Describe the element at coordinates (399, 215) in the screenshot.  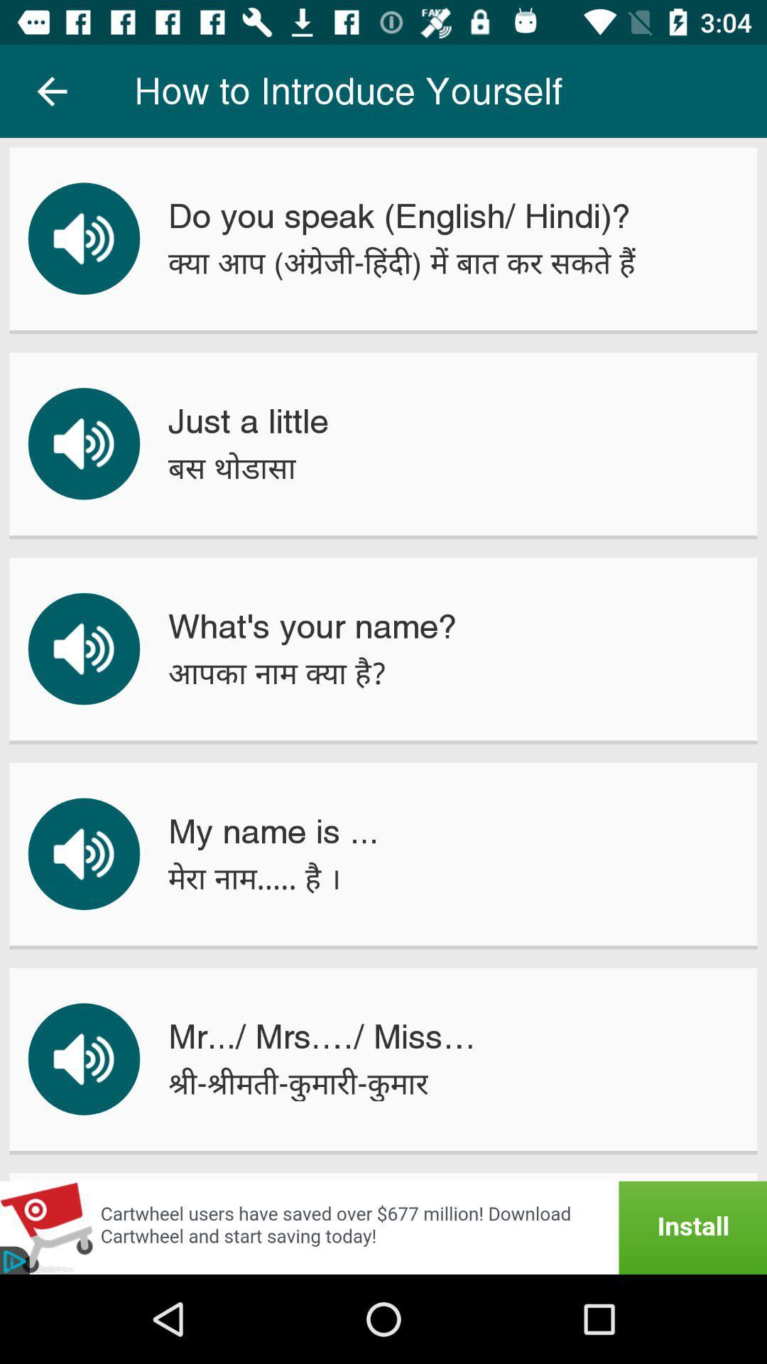
I see `item below the how to introduce icon` at that location.